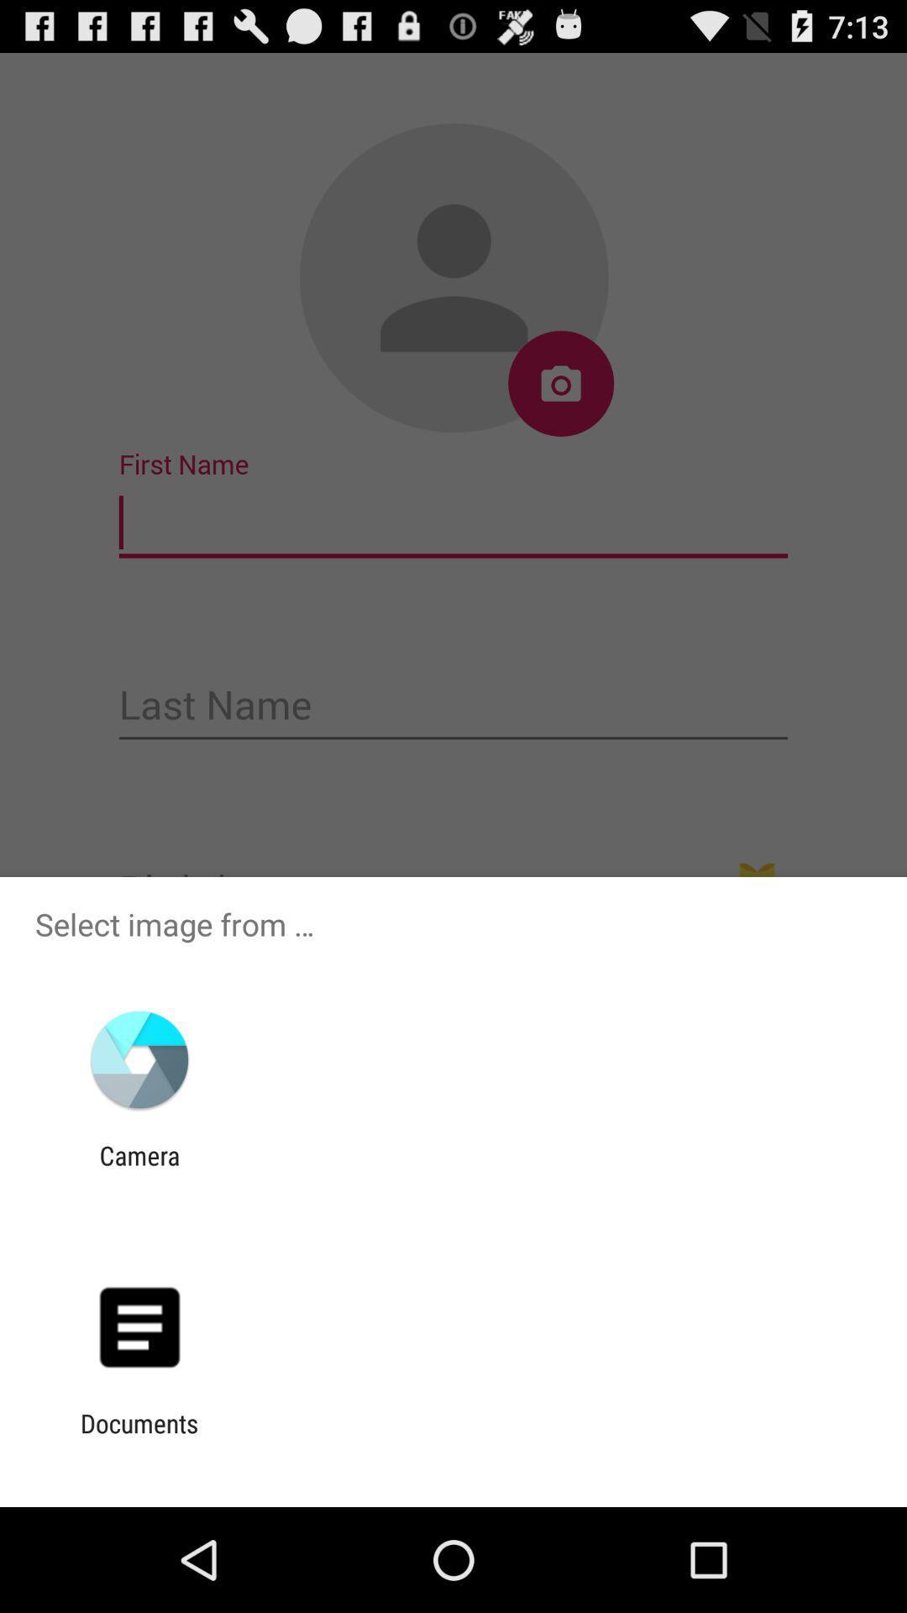 The height and width of the screenshot is (1613, 907). What do you see at coordinates (139, 1437) in the screenshot?
I see `documents app` at bounding box center [139, 1437].